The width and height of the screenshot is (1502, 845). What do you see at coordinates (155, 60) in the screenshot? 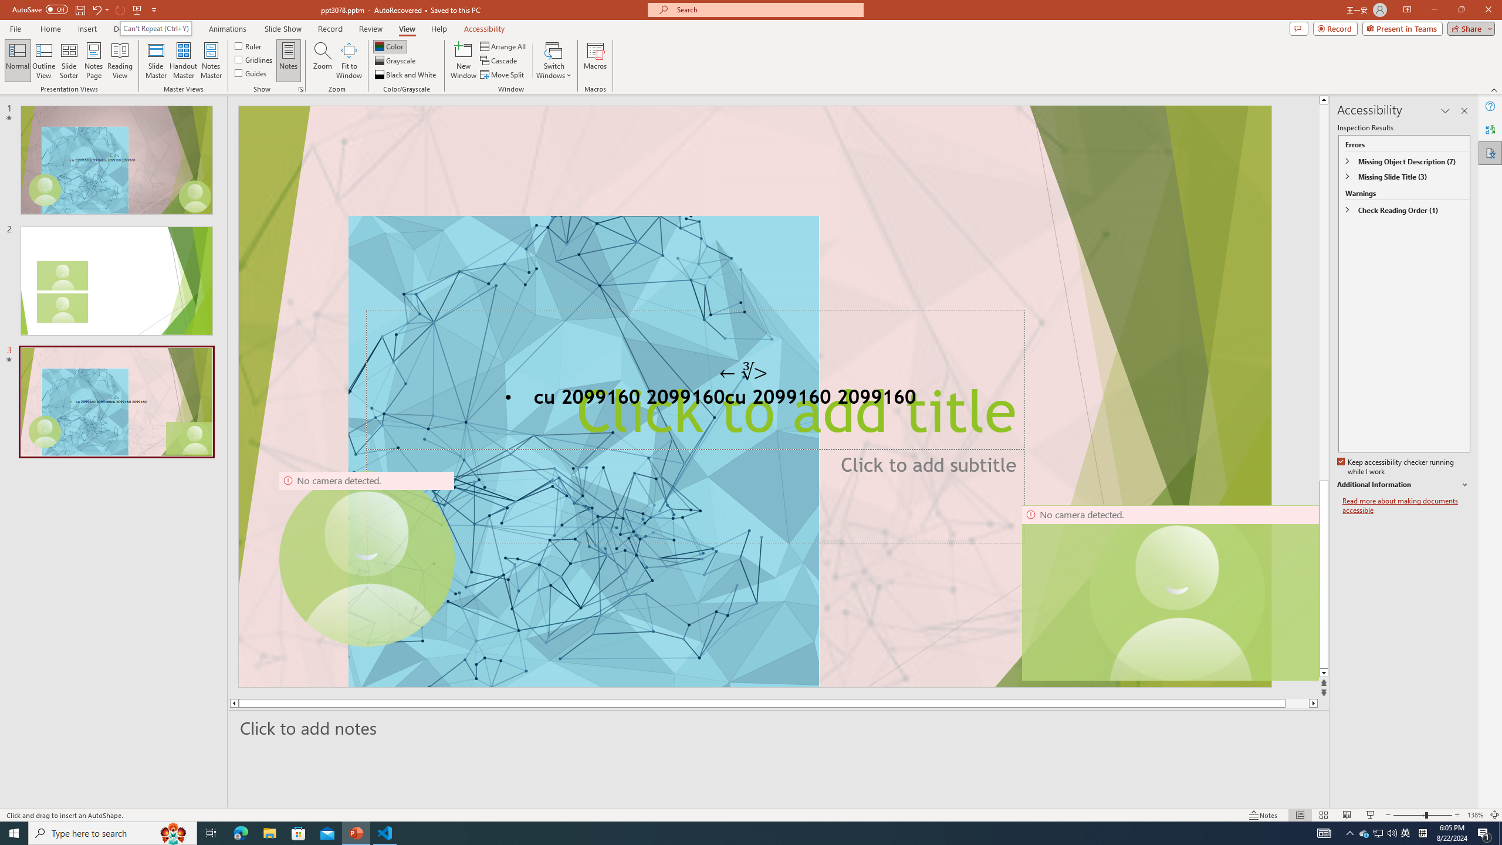
I see `'Slide Master'` at bounding box center [155, 60].